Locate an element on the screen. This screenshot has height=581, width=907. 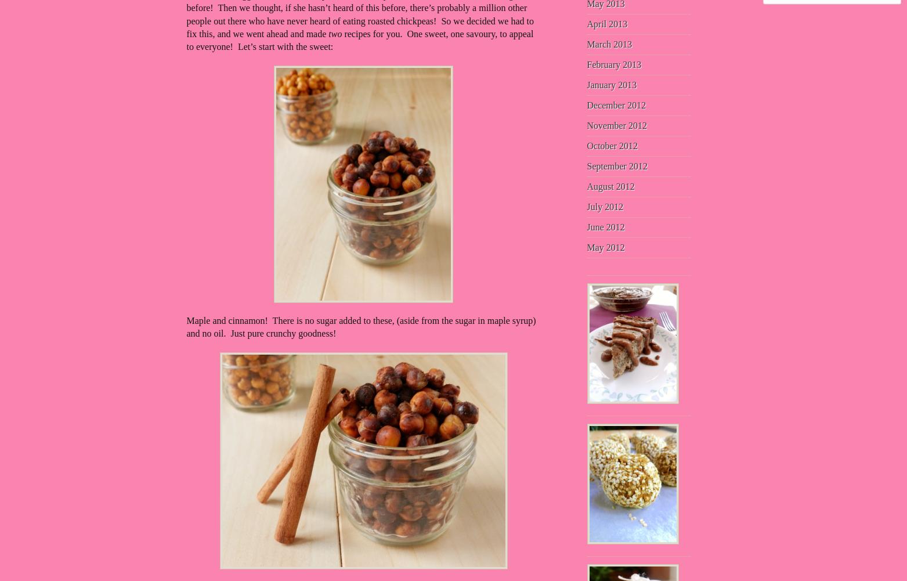
'recipes for you.  One sweet, one savoury, to appeal to everyone!  Let’s start with the sweet:' is located at coordinates (186, 39).